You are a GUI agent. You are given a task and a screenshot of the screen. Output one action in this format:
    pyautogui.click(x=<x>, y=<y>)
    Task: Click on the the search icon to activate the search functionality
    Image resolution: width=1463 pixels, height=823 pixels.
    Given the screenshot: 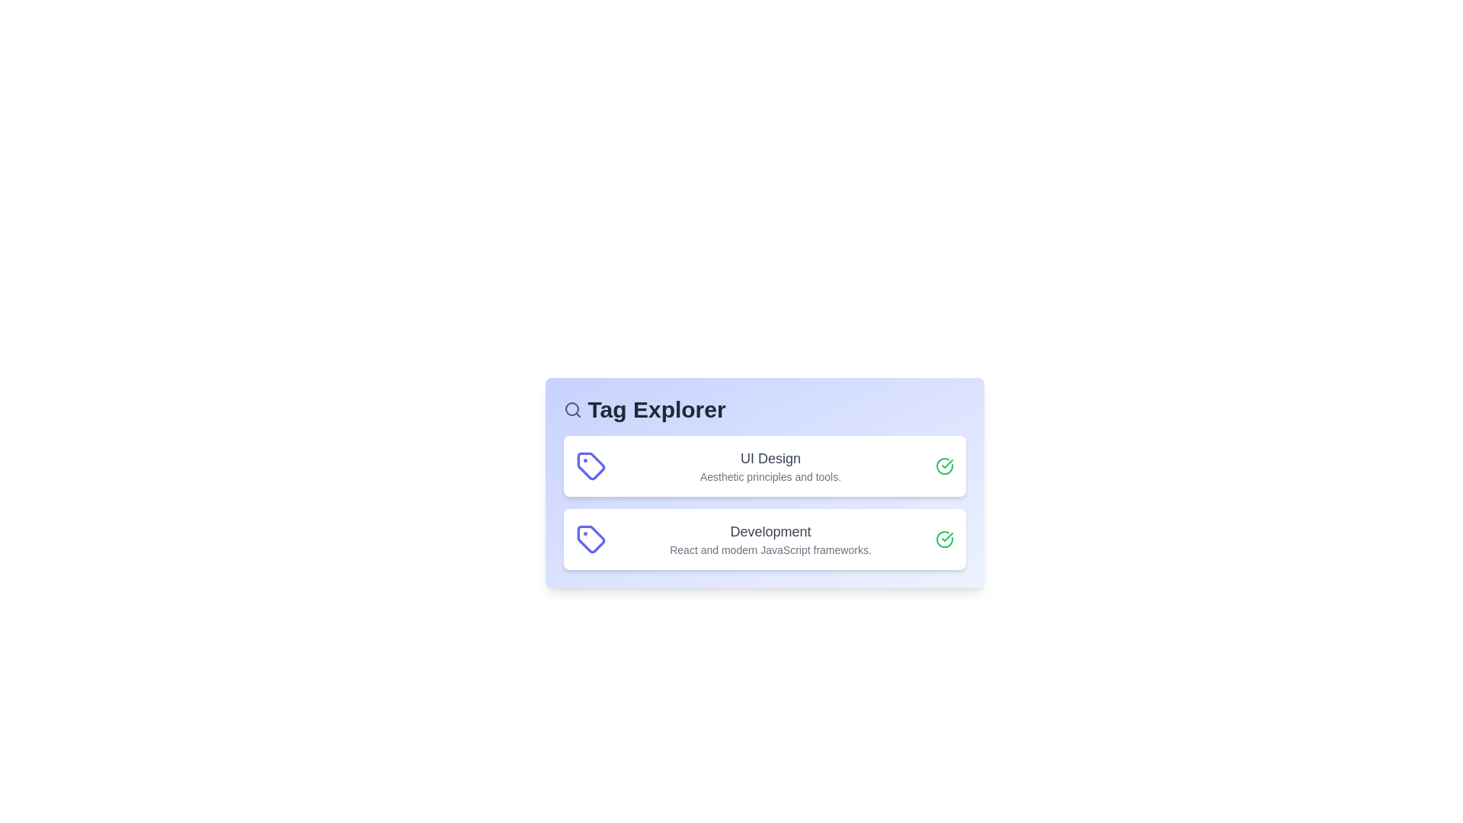 What is the action you would take?
    pyautogui.click(x=571, y=408)
    